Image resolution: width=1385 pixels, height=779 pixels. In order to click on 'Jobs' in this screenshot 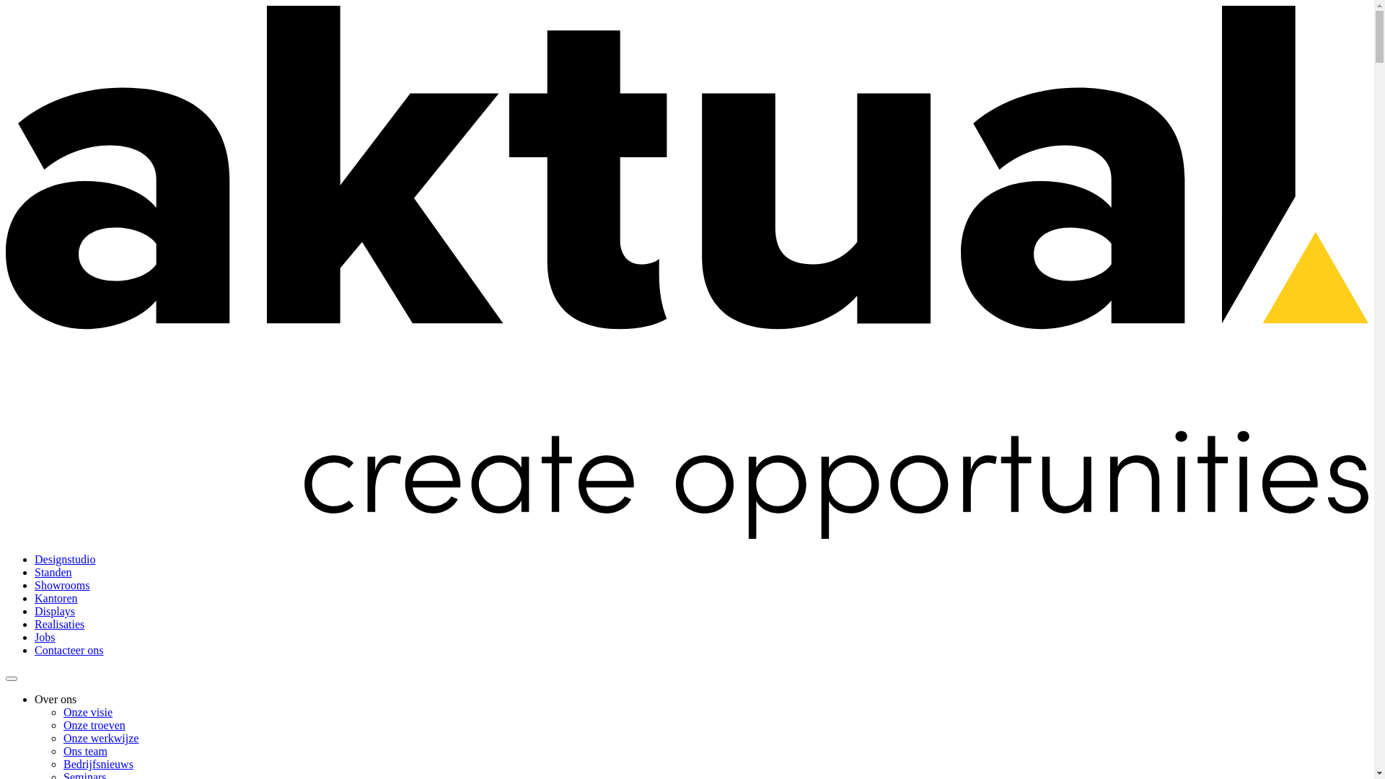, I will do `click(45, 636)`.